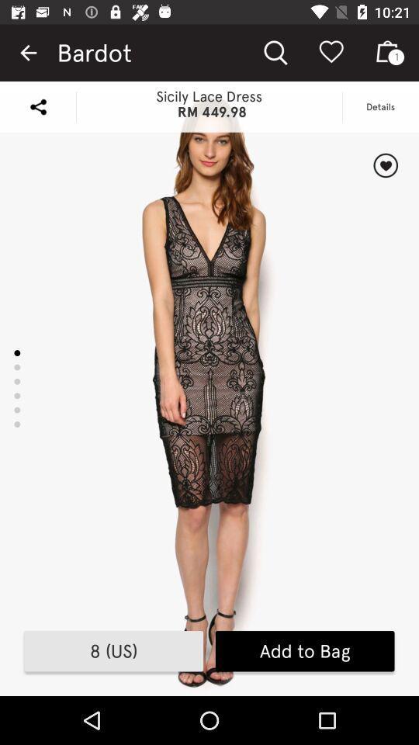 This screenshot has height=745, width=419. Describe the element at coordinates (379, 106) in the screenshot. I see `details item` at that location.